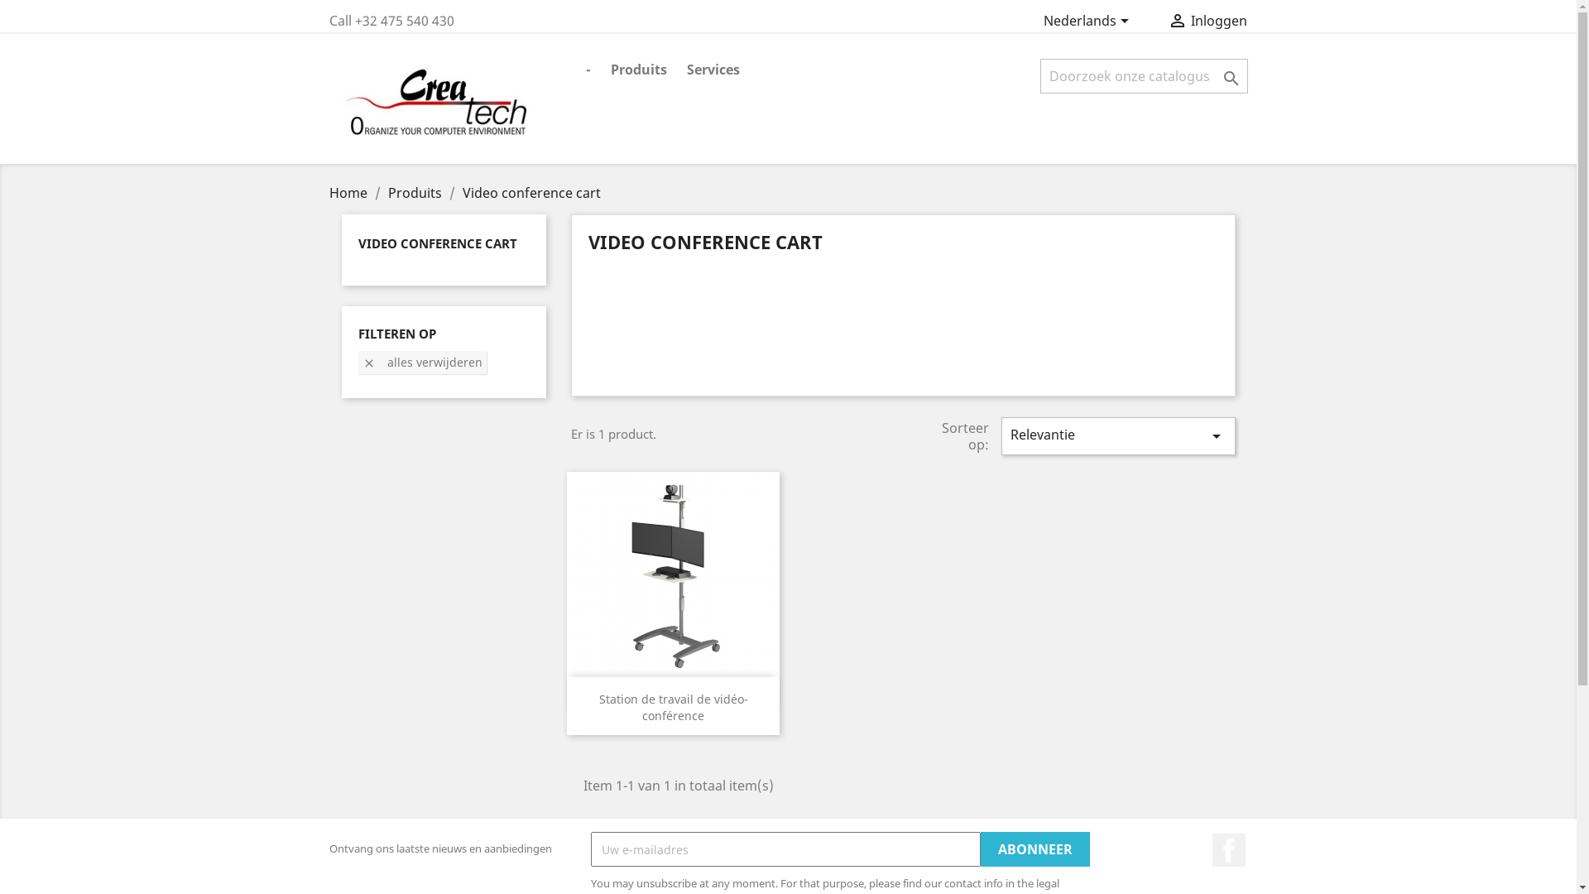 The width and height of the screenshot is (1589, 894). Describe the element at coordinates (437, 243) in the screenshot. I see `'VIDEO CONFERENCE CART'` at that location.